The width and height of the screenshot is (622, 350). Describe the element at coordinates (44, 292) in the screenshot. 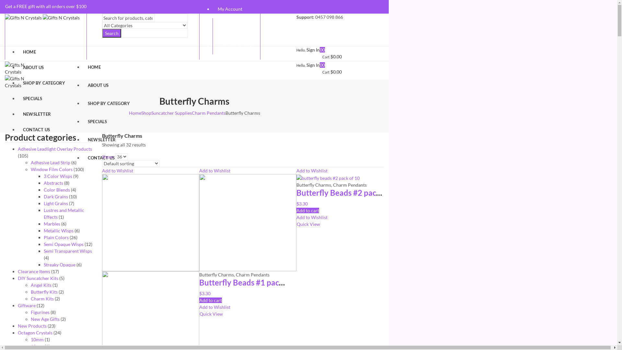

I see `'Butterfly Kits'` at that location.